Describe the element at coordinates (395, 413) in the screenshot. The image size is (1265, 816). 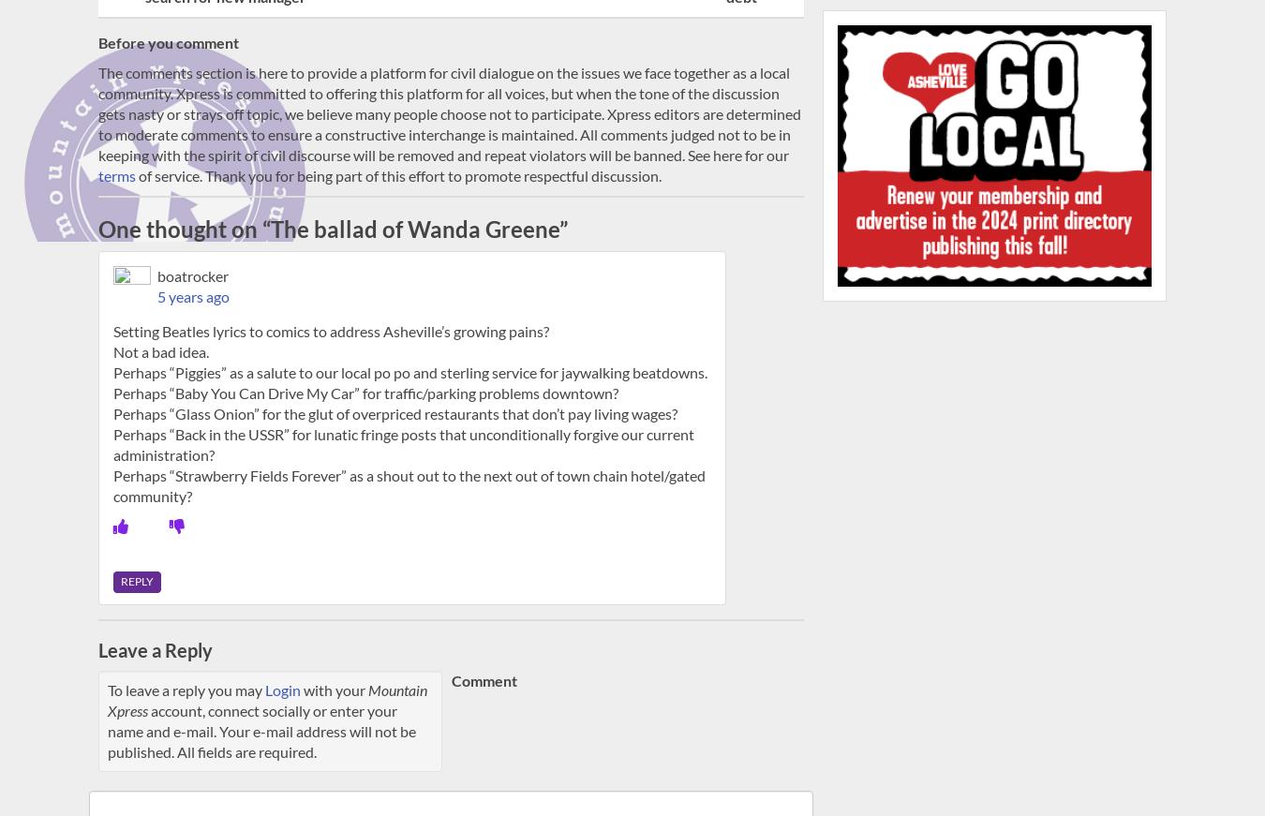
I see `'Perhaps “Glass Onion” for the glut of overpriced restaurants that don’t pay living wages?'` at that location.